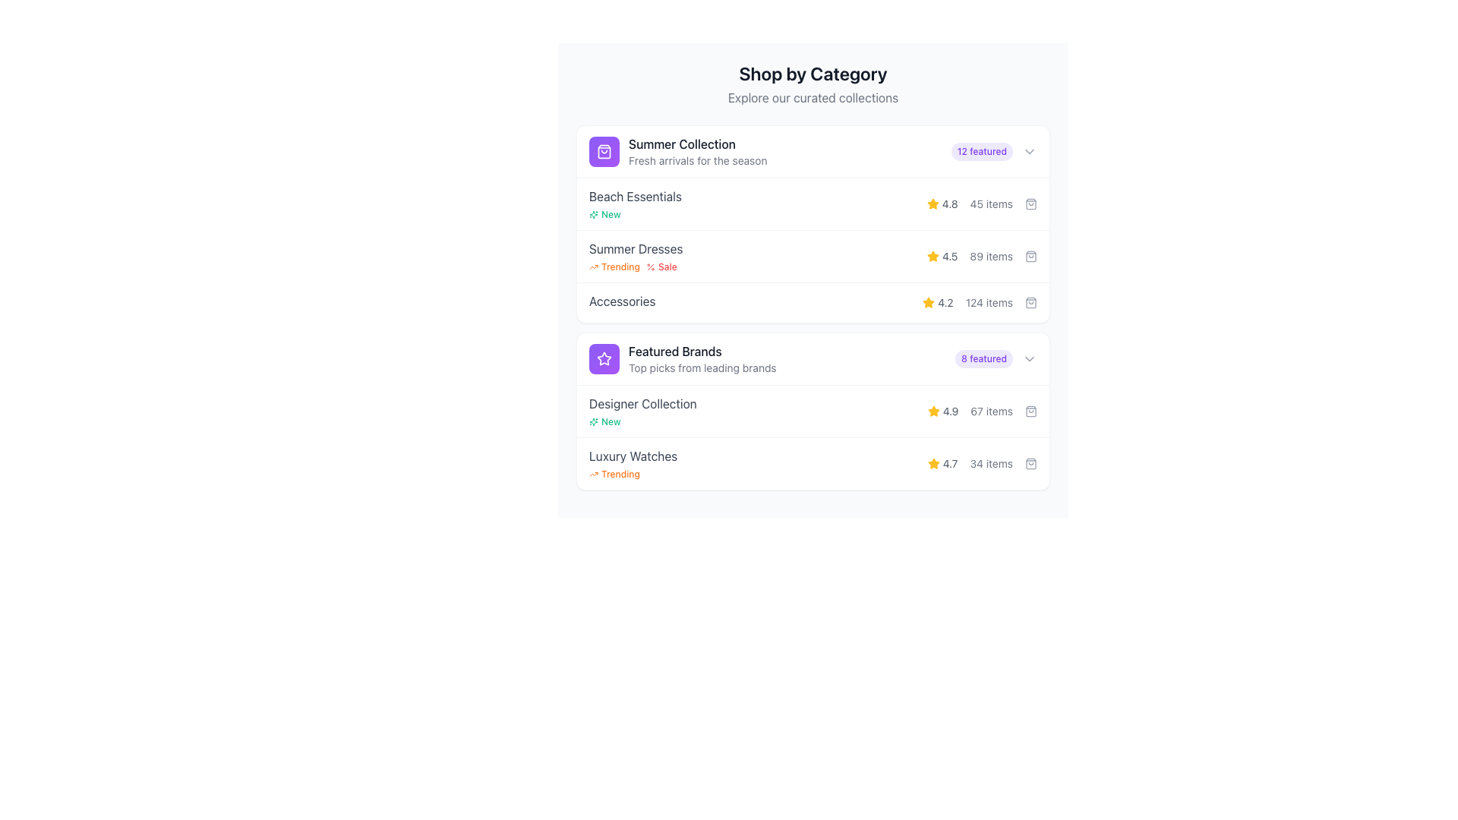  Describe the element at coordinates (932, 256) in the screenshot. I see `the rating icon that visually represents the score, located to the left of the text '4.5'` at that location.